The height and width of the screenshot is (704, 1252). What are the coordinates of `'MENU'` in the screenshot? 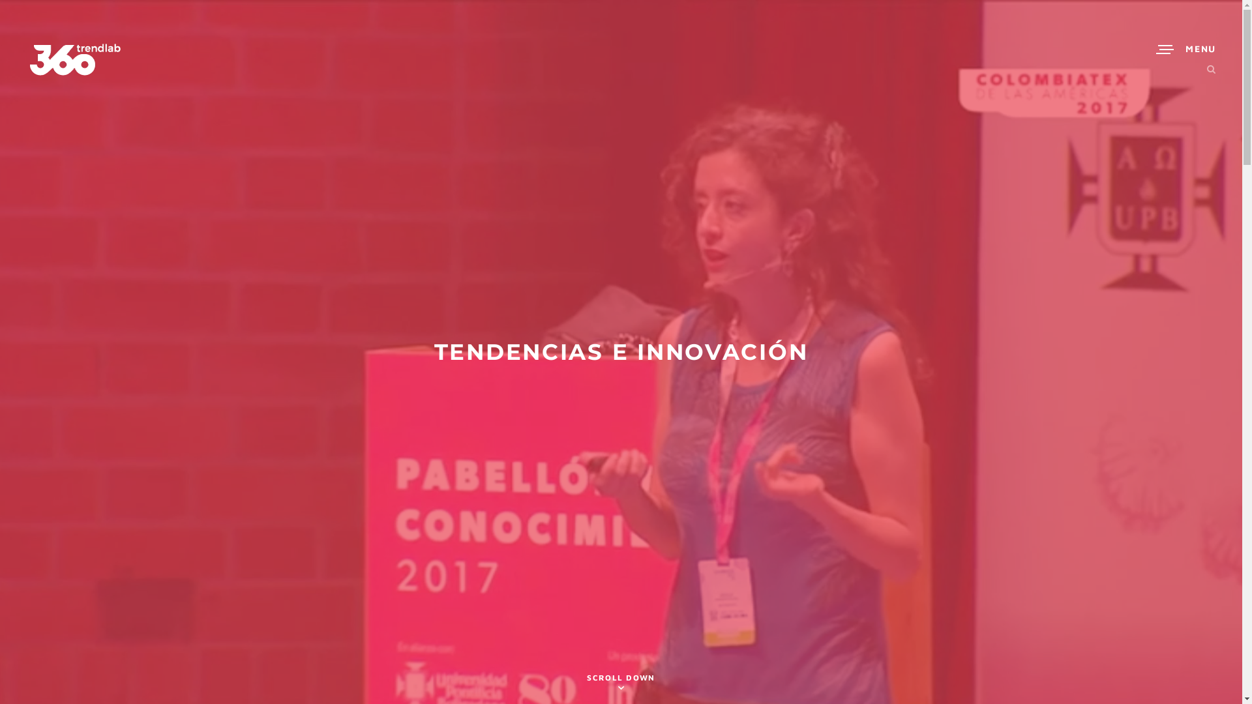 It's located at (1159, 48).